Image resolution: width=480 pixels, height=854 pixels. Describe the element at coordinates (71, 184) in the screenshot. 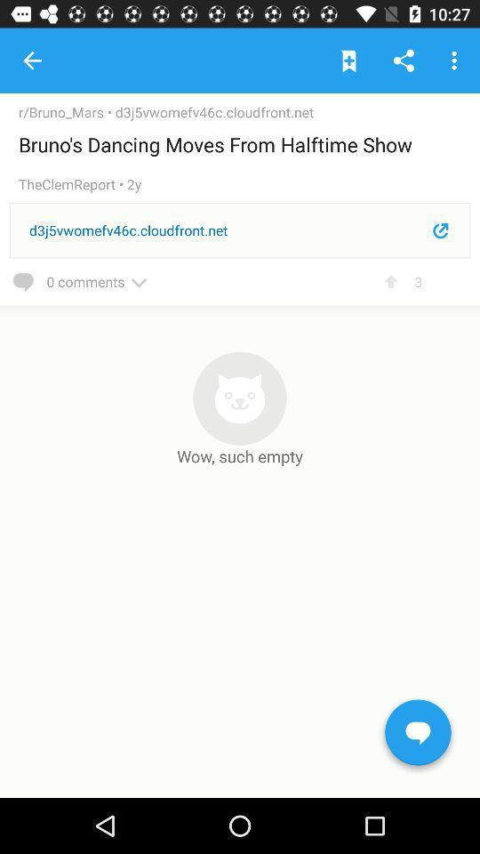

I see `the item to the left of the 2y` at that location.